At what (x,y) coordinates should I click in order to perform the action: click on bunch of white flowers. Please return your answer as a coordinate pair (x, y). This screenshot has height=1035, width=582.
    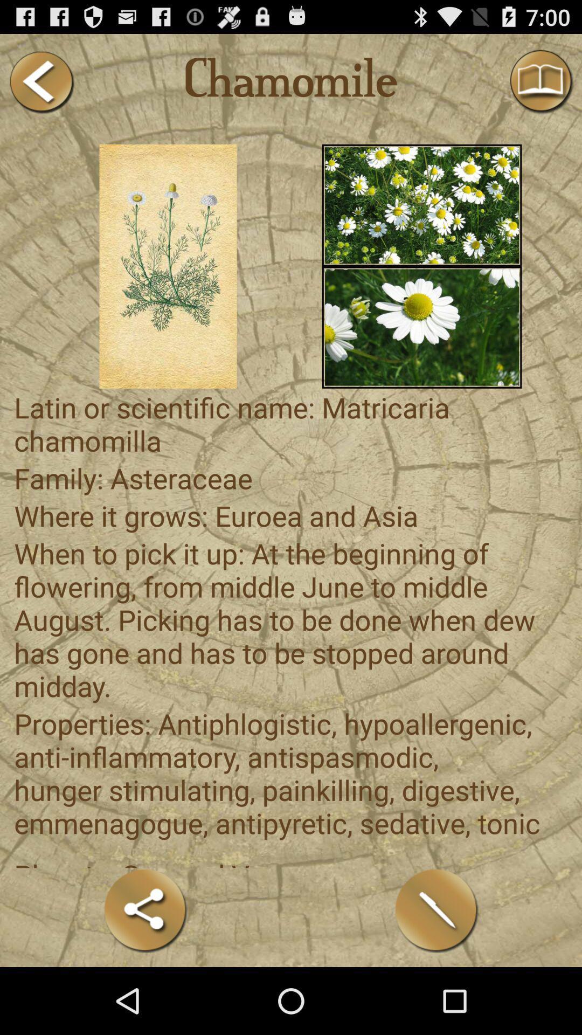
    Looking at the image, I should click on (421, 205).